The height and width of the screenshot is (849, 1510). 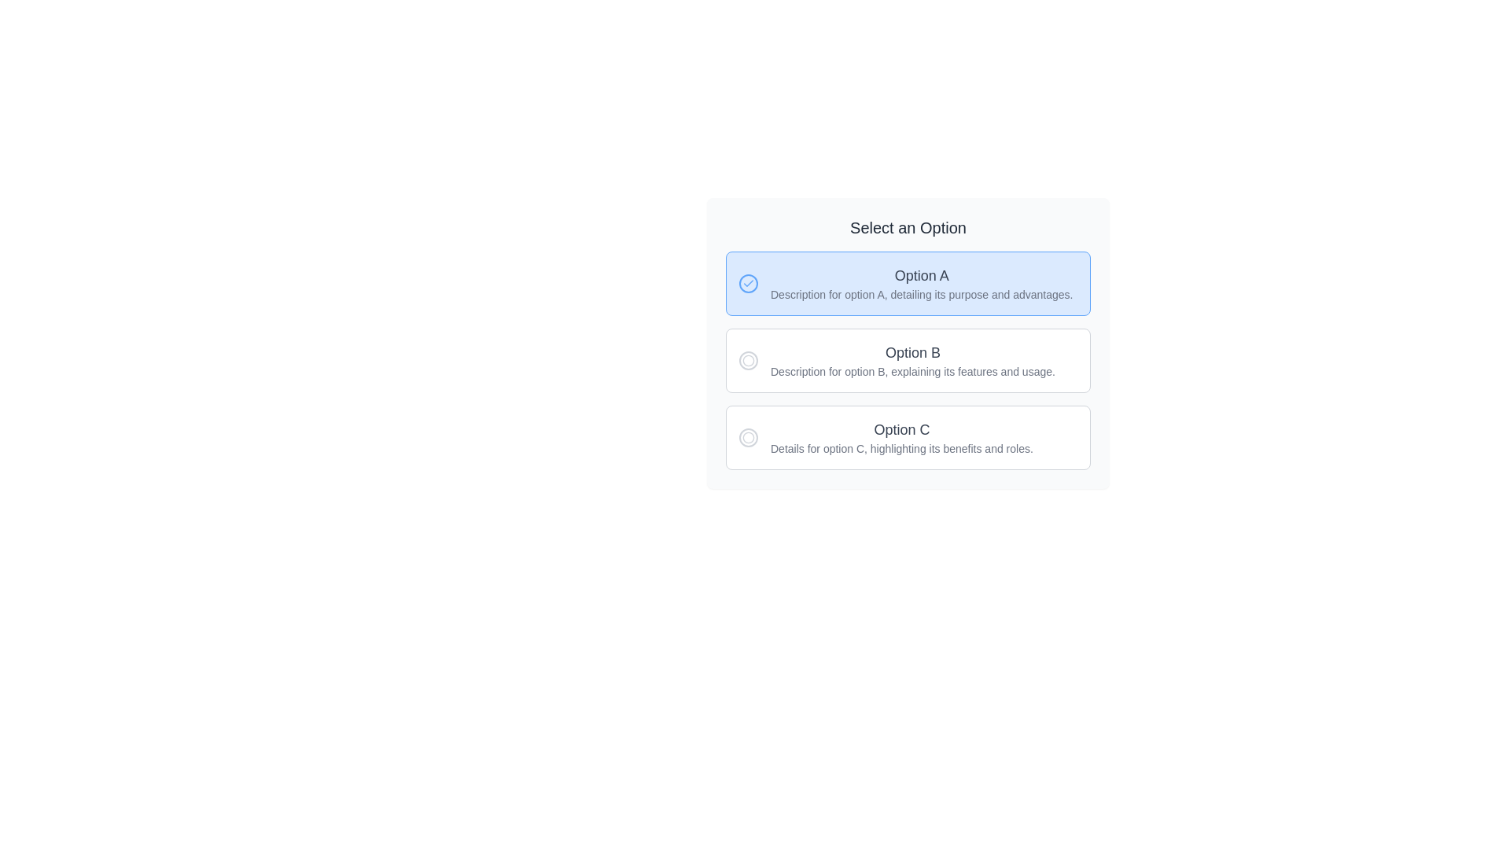 I want to click on description of the first selectable option displayed in the Label Text directly below the heading 'Select an Option', so click(x=922, y=284).